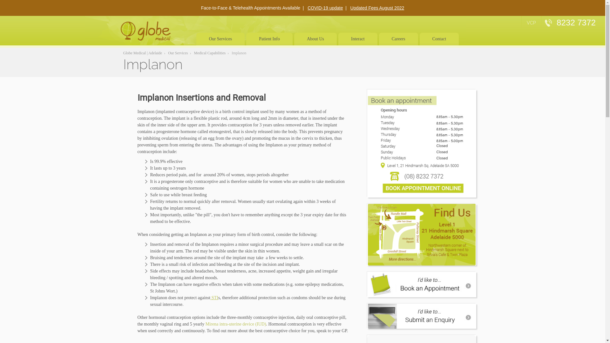 This screenshot has width=610, height=343. What do you see at coordinates (531, 23) in the screenshot?
I see `'VCP'` at bounding box center [531, 23].